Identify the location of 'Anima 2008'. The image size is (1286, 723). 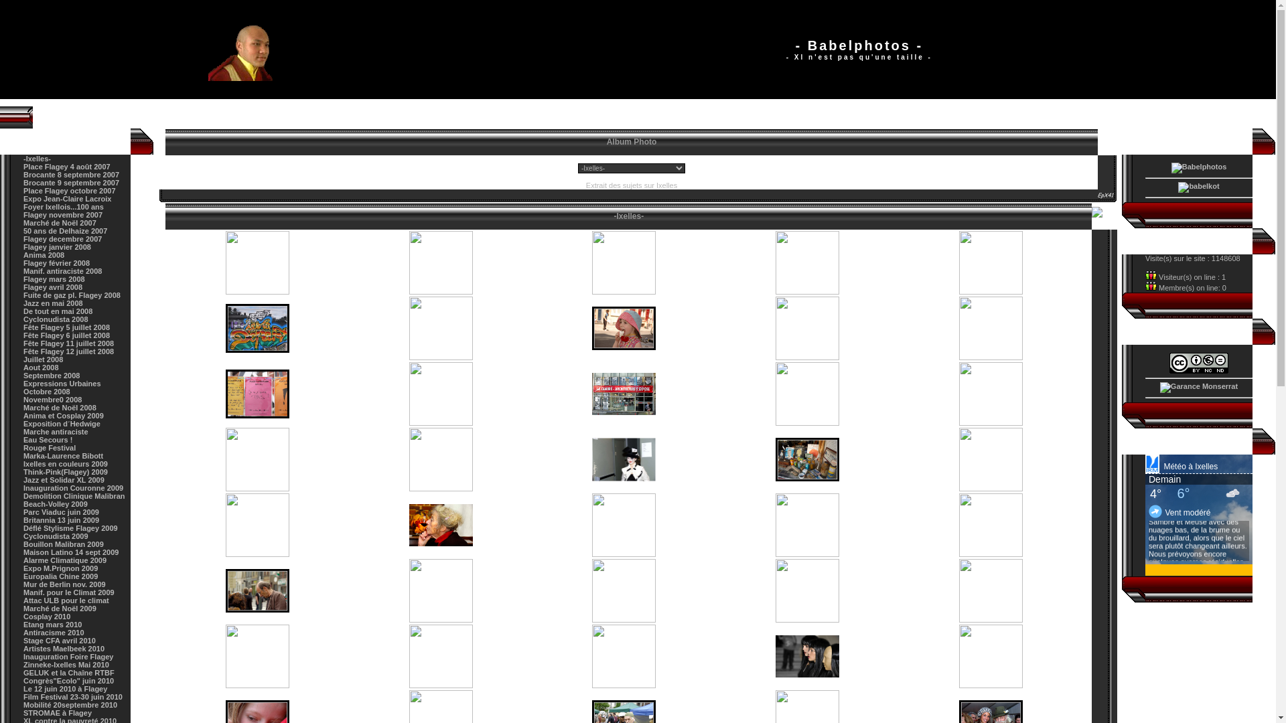
(44, 255).